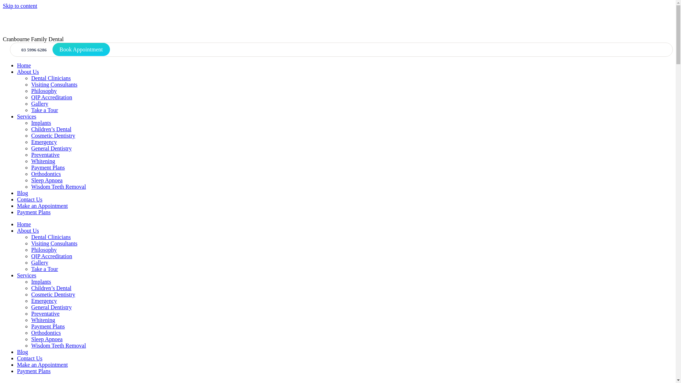 The image size is (681, 383). Describe the element at coordinates (17, 275) in the screenshot. I see `'Services'` at that location.